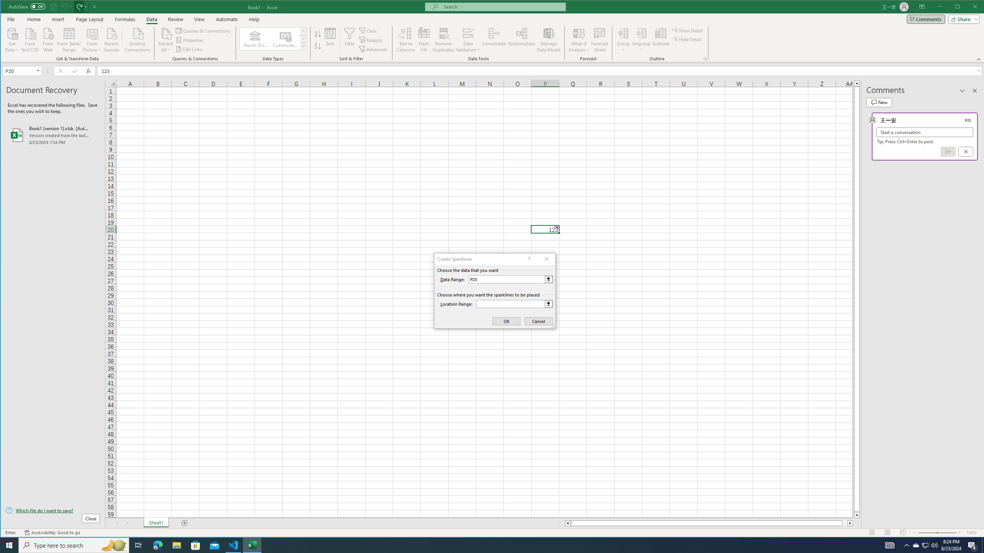  Describe the element at coordinates (924, 132) in the screenshot. I see `'Start a conversation'` at that location.